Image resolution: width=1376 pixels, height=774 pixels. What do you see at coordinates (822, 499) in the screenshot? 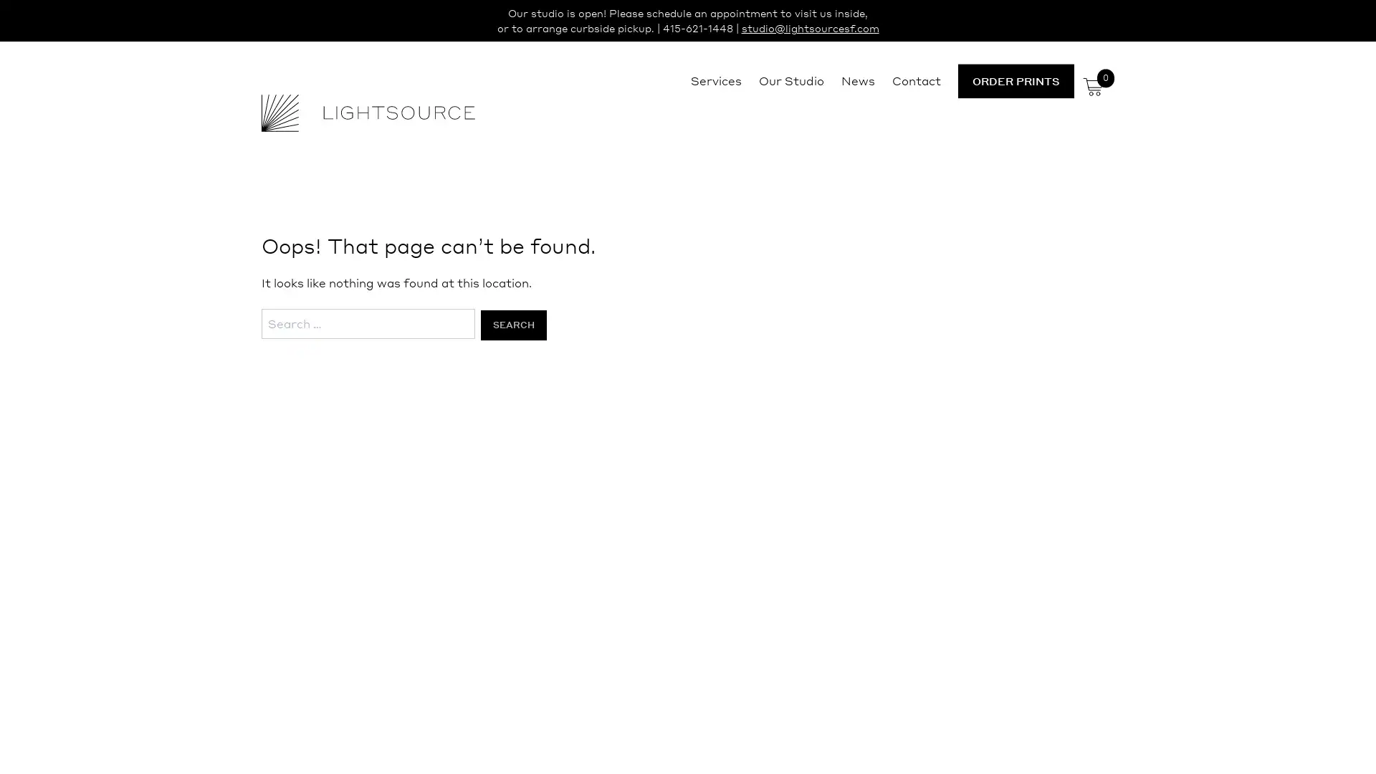
I see `Sign up` at bounding box center [822, 499].